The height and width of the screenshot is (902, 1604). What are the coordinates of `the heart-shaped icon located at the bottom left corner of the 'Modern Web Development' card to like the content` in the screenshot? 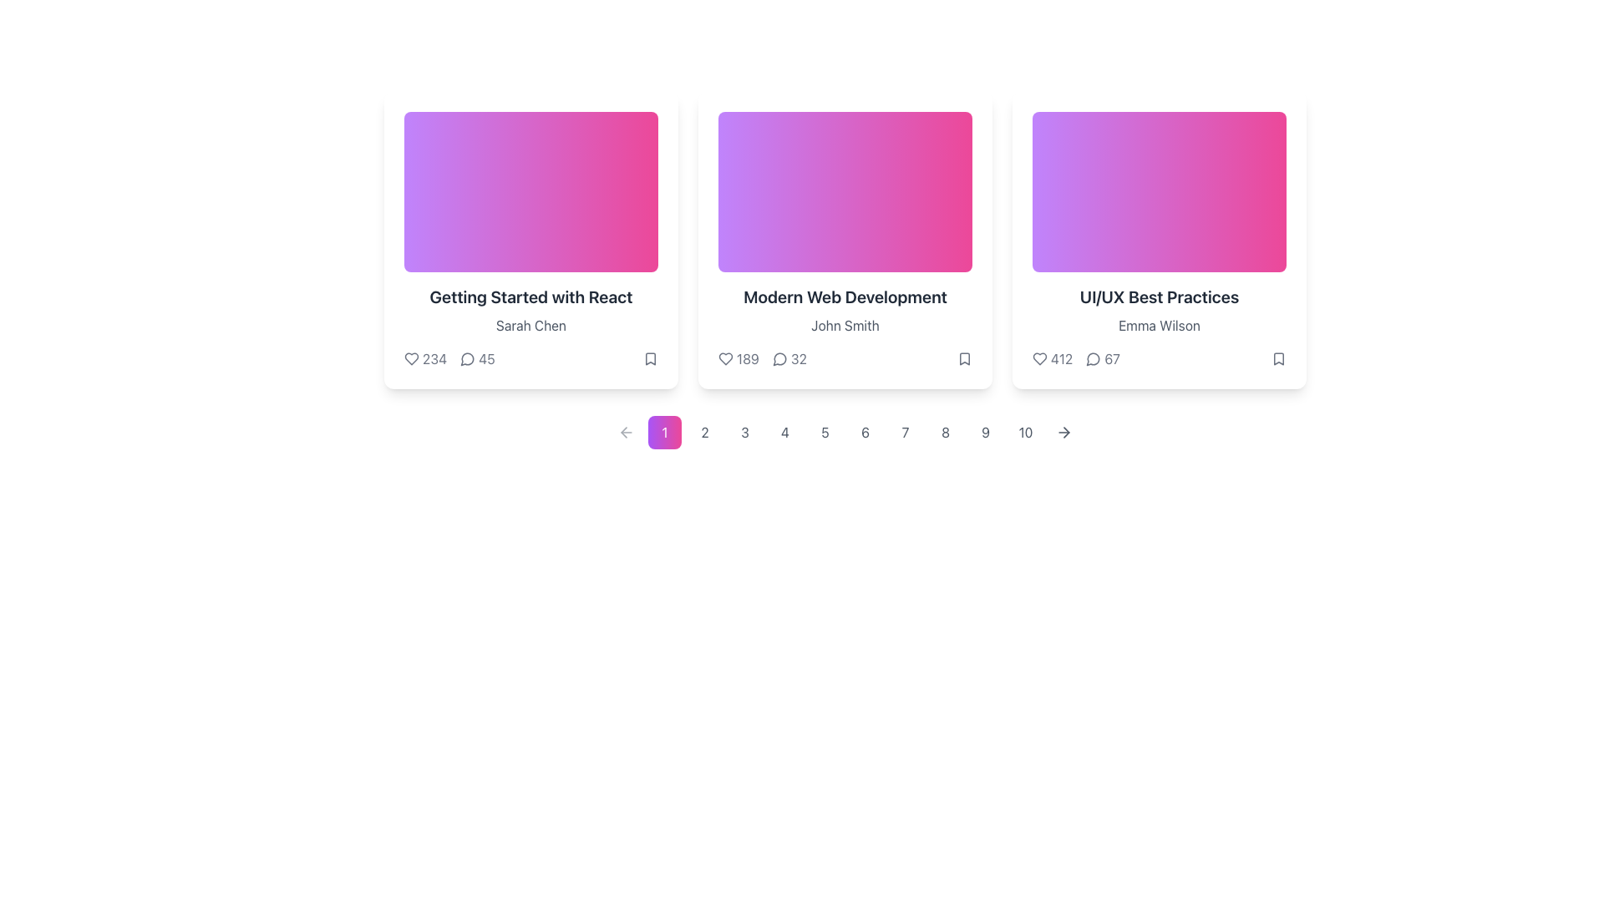 It's located at (725, 357).